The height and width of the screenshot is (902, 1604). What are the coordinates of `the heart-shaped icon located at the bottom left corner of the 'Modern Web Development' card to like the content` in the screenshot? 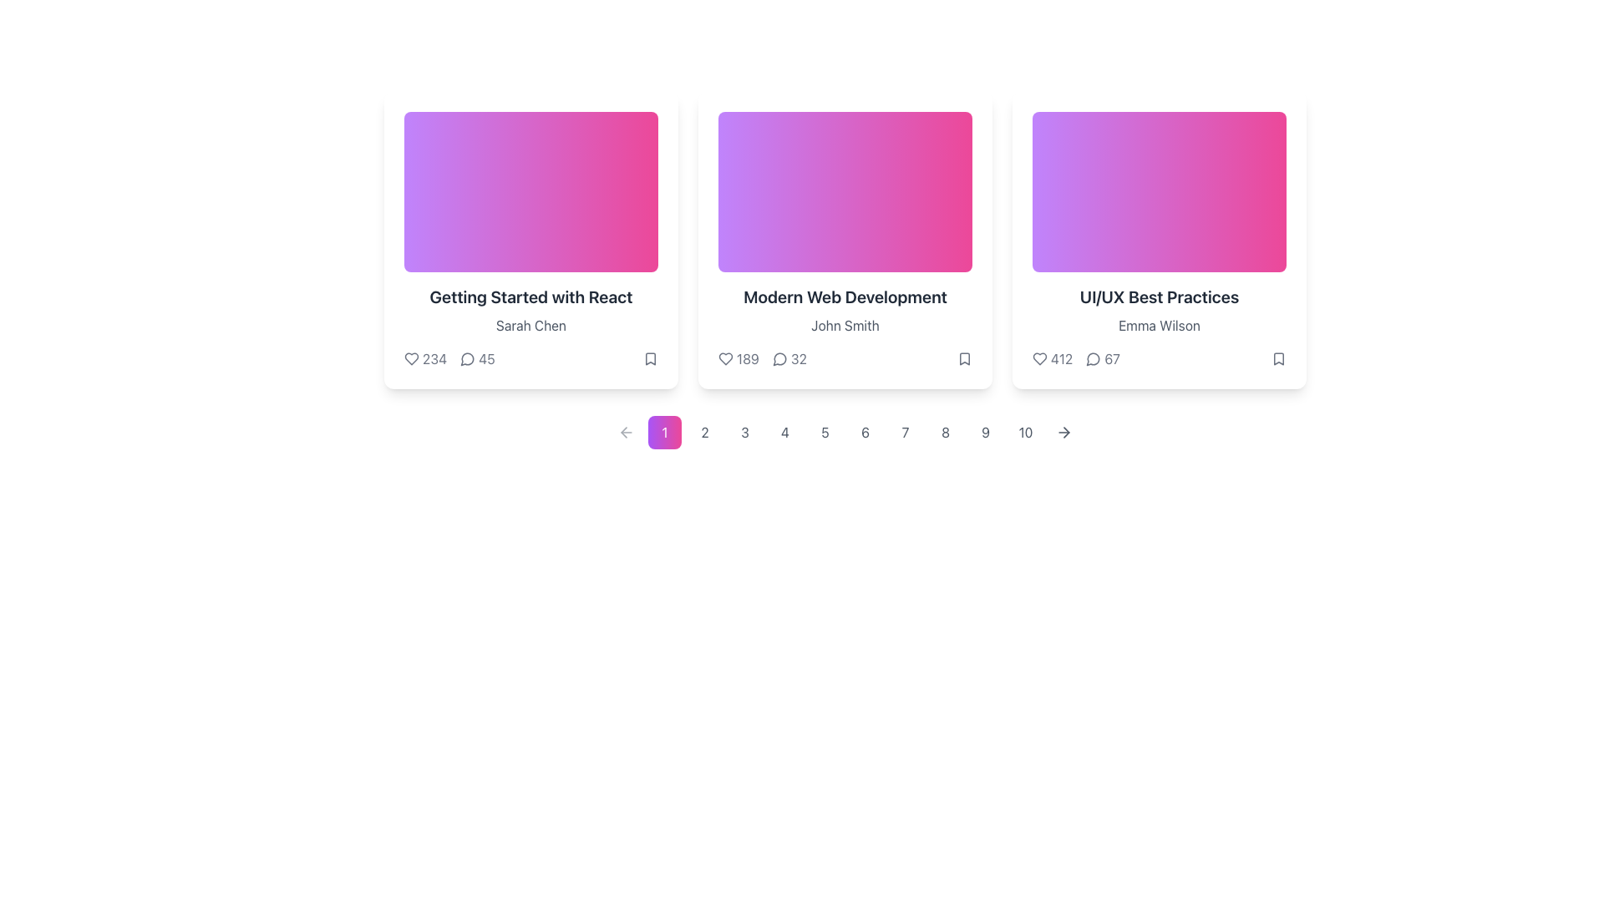 It's located at (725, 357).